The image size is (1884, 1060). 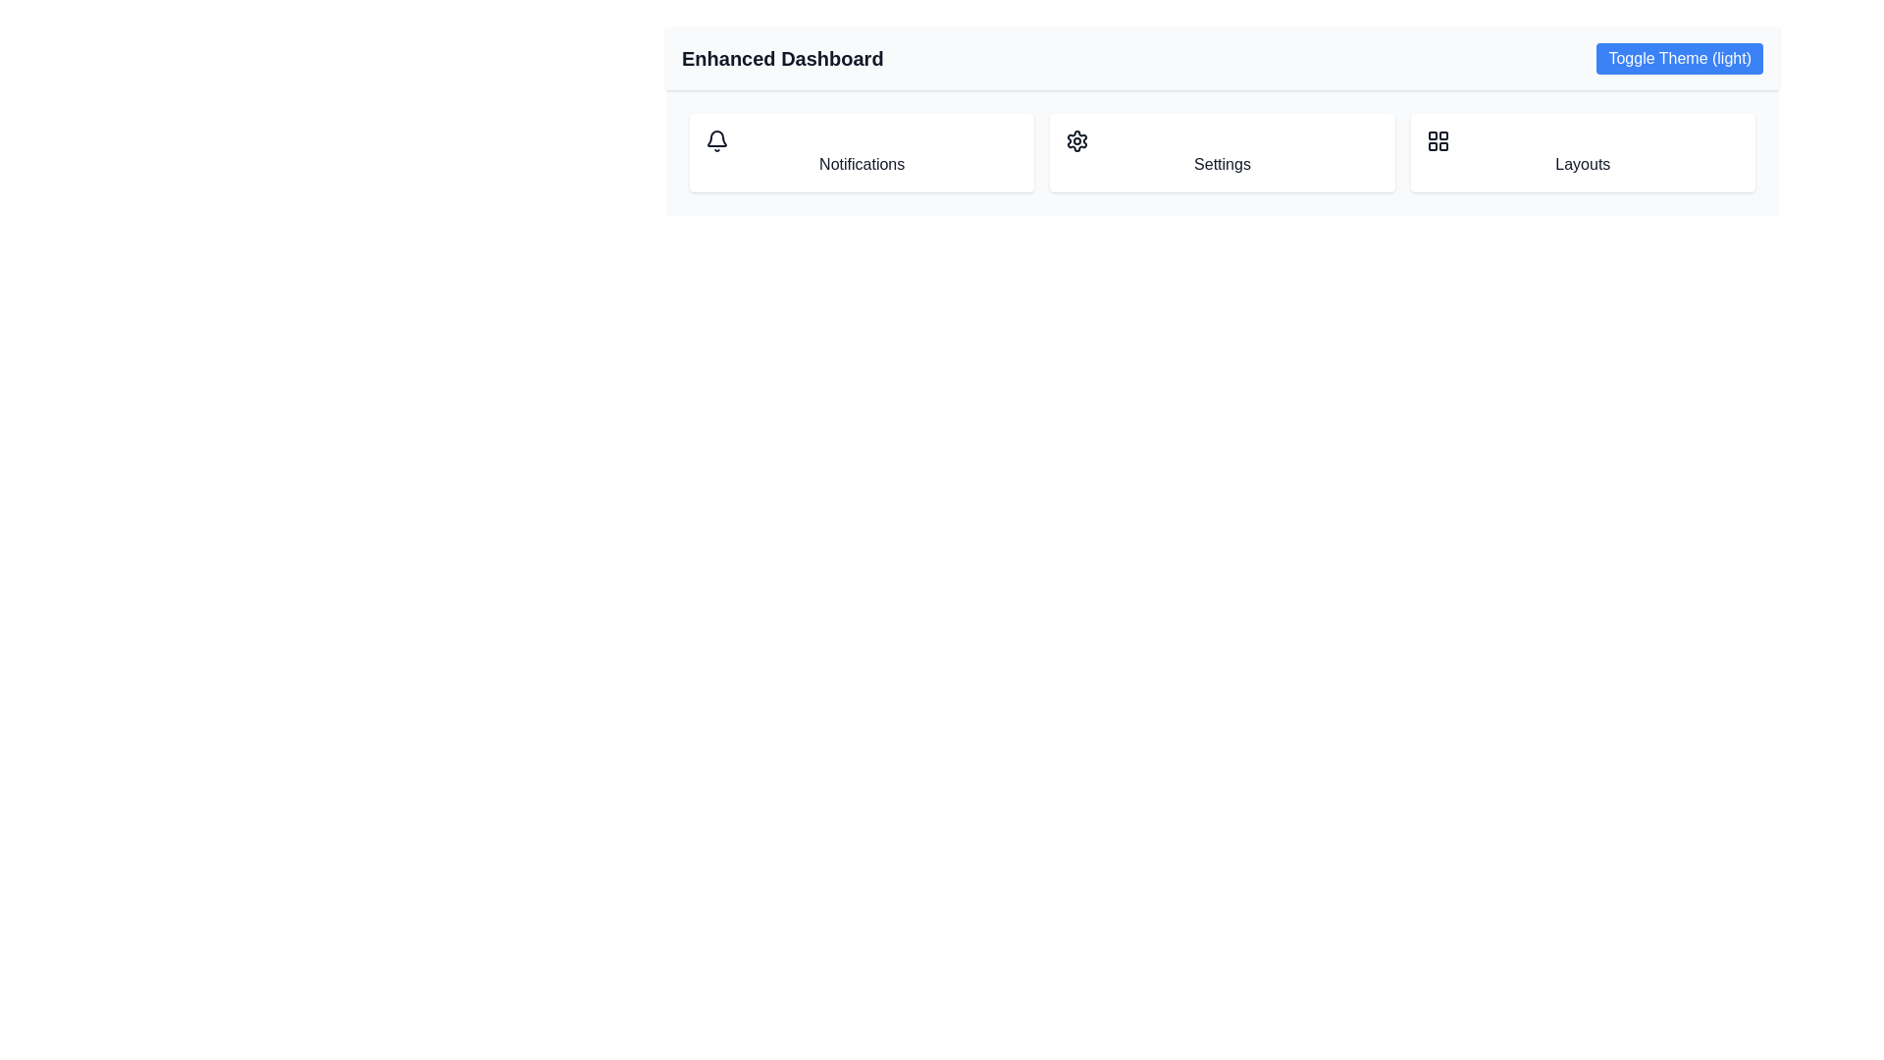 I want to click on the static text label identifying the 'Enhanced Dashboard', located in the top-left section of the header, so click(x=781, y=58).